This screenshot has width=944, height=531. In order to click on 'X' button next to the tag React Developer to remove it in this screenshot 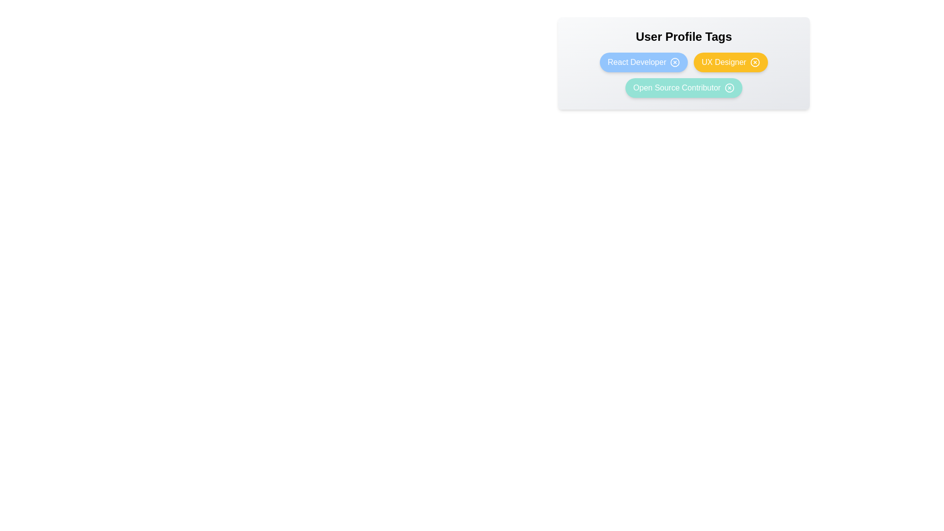, I will do `click(675, 62)`.